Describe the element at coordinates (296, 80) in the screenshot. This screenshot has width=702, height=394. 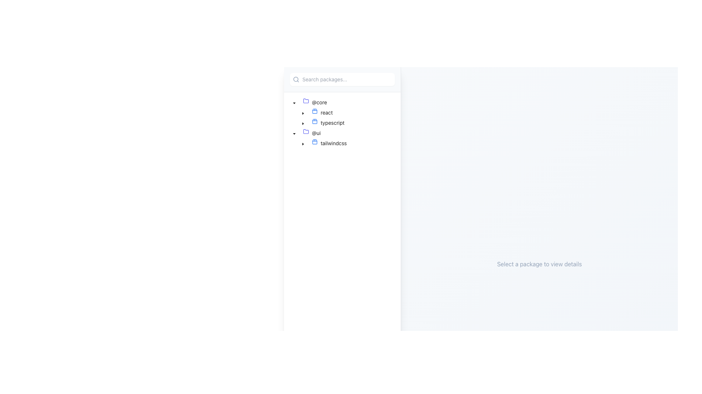
I see `the magnifying glass icon, which is styled in gray and serves as a visual indicator for the search function located at the leftmost position of the search input interface` at that location.